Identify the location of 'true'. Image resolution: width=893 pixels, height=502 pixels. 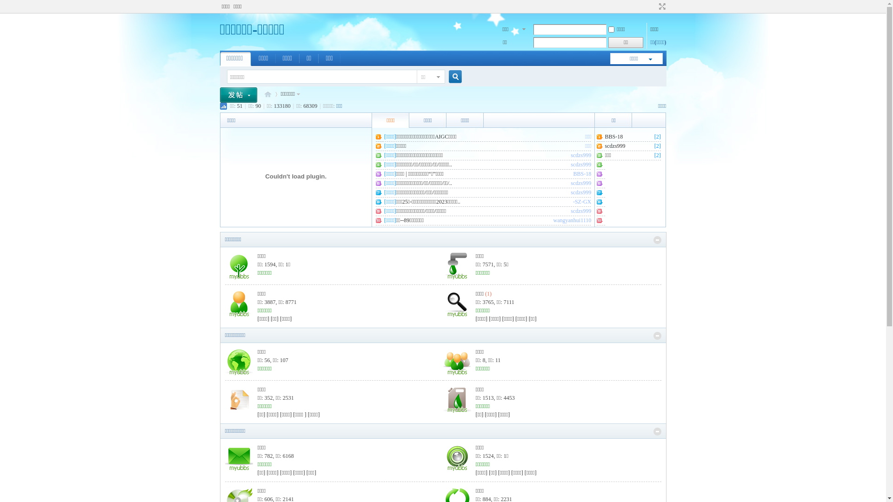
(451, 76).